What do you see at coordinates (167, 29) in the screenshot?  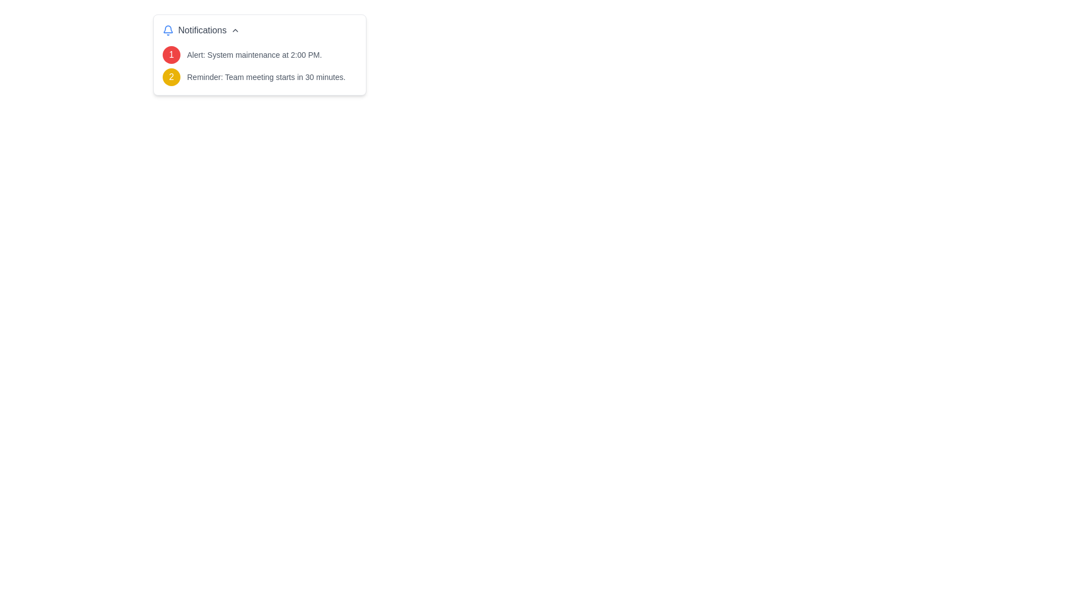 I see `the bell icon representing notifications, which is the leftmost element in the 'Notifications' group` at bounding box center [167, 29].